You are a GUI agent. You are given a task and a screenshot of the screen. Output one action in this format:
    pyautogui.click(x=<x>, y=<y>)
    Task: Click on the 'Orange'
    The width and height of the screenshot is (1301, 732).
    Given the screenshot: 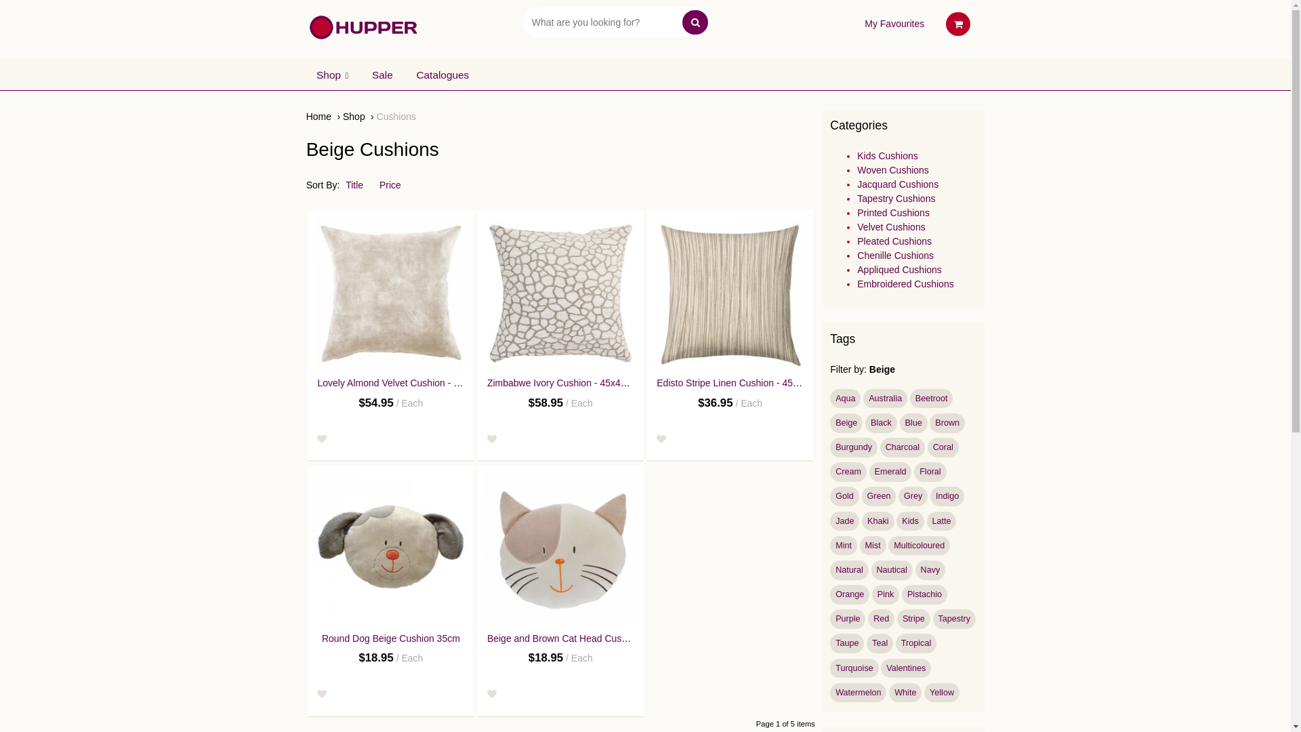 What is the action you would take?
    pyautogui.click(x=848, y=594)
    